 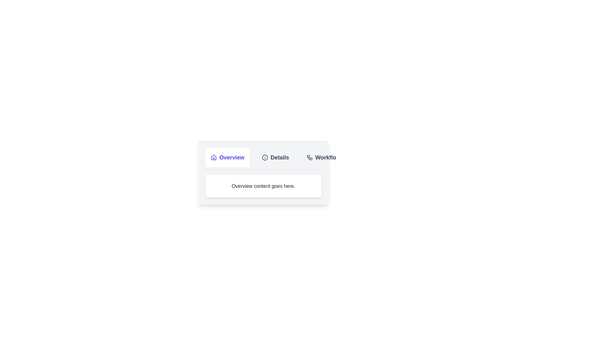 What do you see at coordinates (265, 157) in the screenshot?
I see `the SVG circle component next to the 'Details' label in the navigation bar, which has a visible border and transparent fill` at bounding box center [265, 157].